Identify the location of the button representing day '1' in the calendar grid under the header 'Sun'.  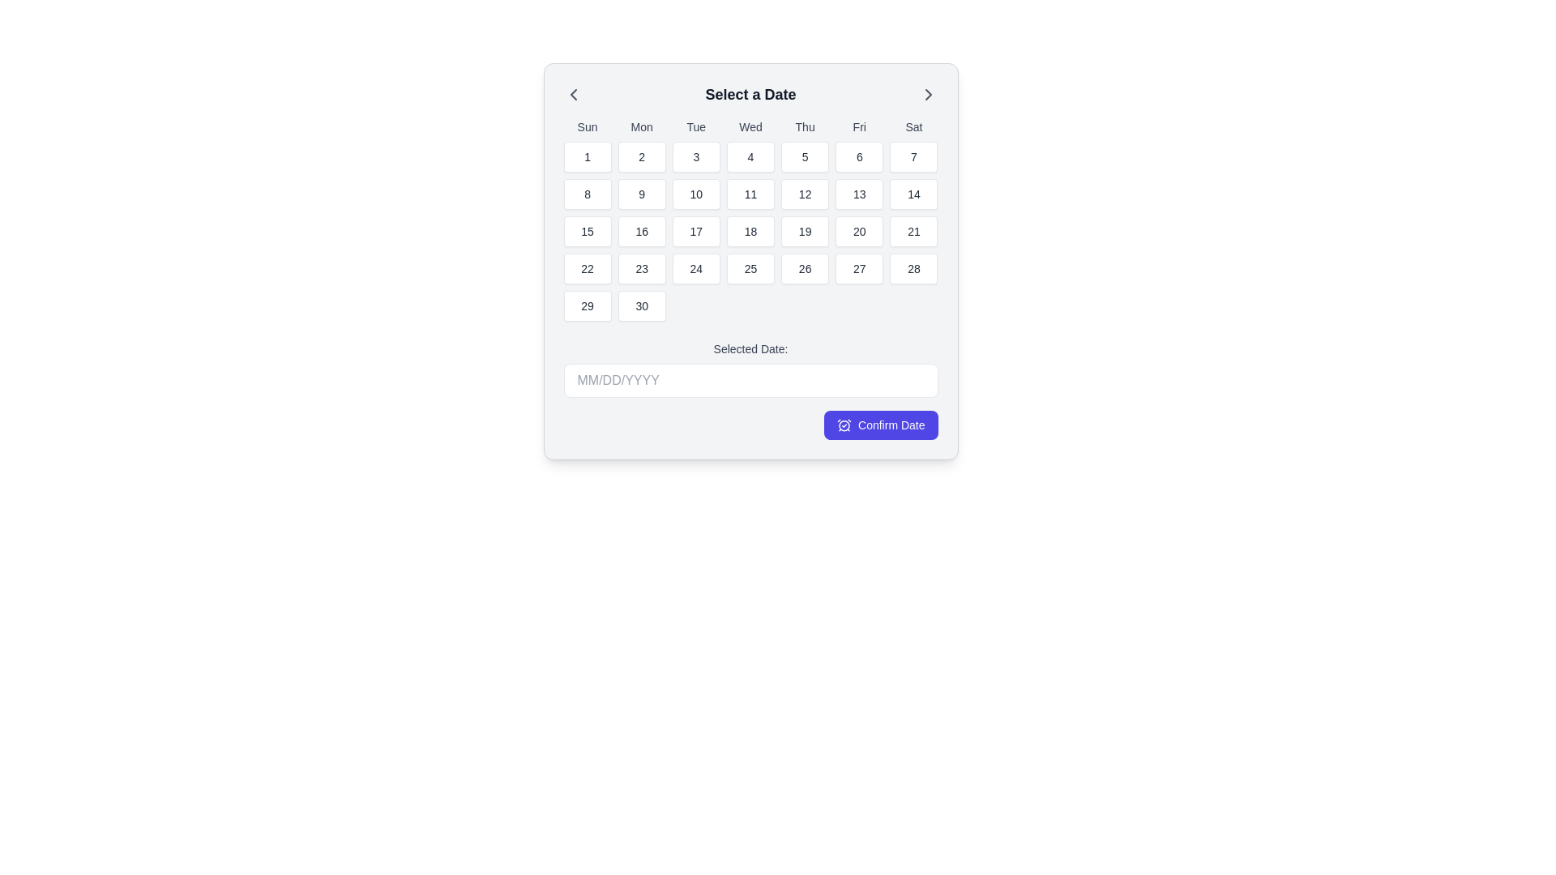
(586, 156).